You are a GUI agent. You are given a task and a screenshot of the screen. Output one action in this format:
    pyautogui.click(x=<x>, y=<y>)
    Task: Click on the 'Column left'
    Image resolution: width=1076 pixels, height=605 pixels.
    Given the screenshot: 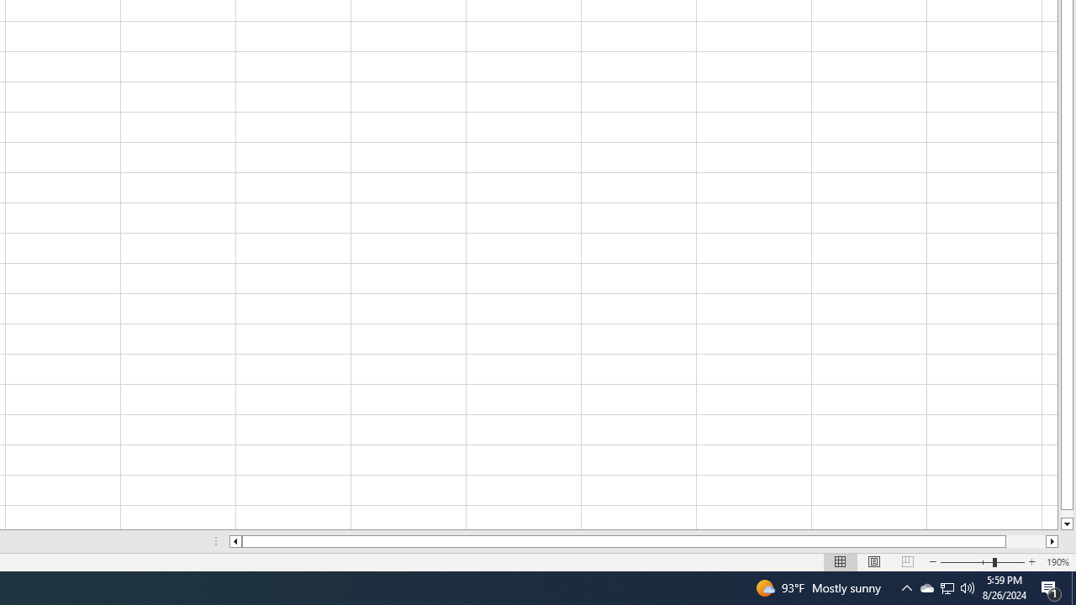 What is the action you would take?
    pyautogui.click(x=234, y=541)
    